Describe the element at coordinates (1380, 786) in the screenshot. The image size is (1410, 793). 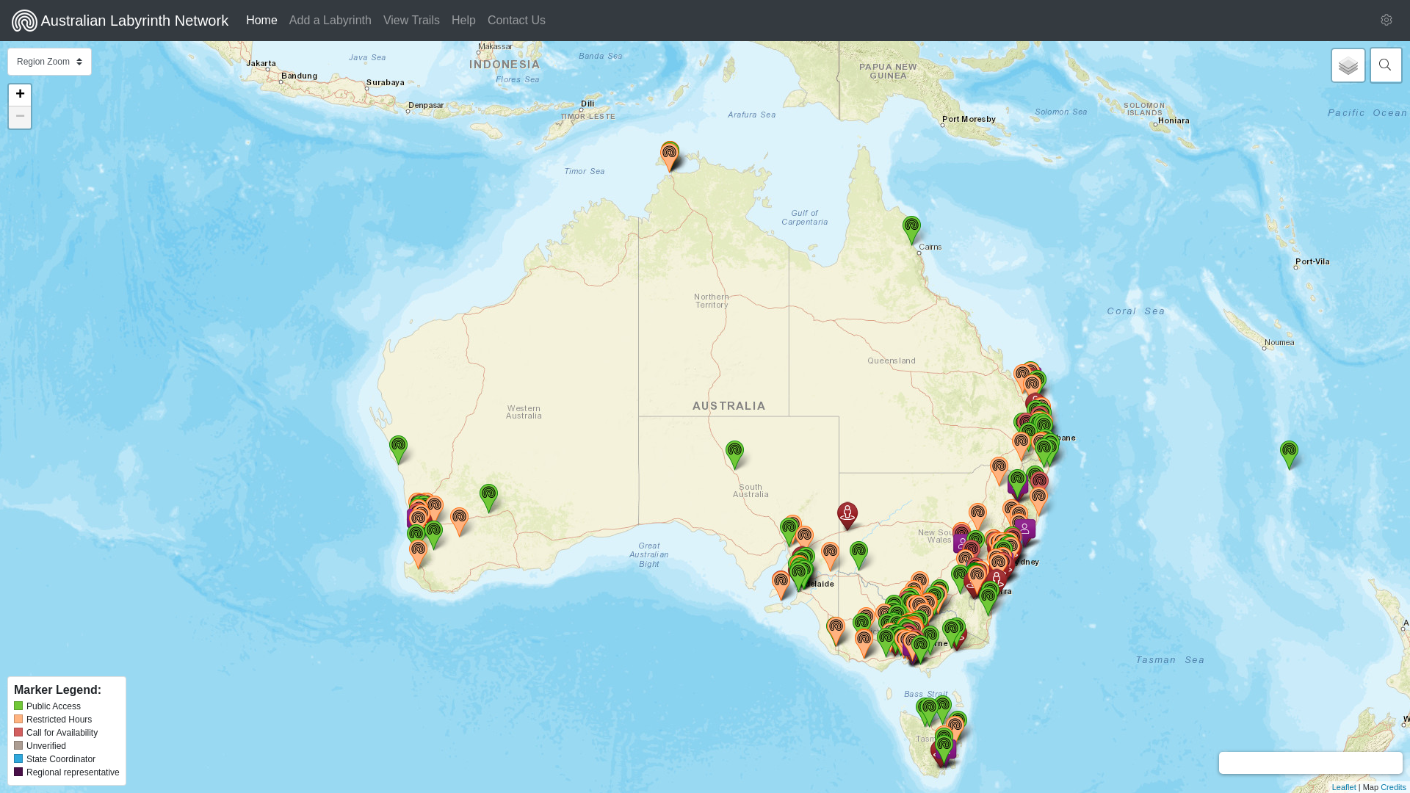
I see `'Credits'` at that location.